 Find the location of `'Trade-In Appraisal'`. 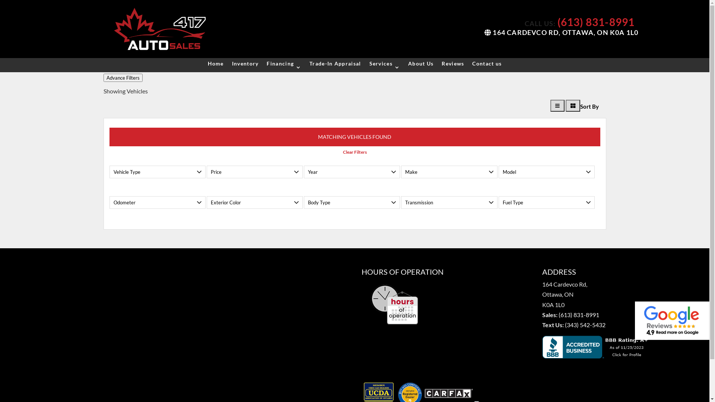

'Trade-In Appraisal' is located at coordinates (335, 64).